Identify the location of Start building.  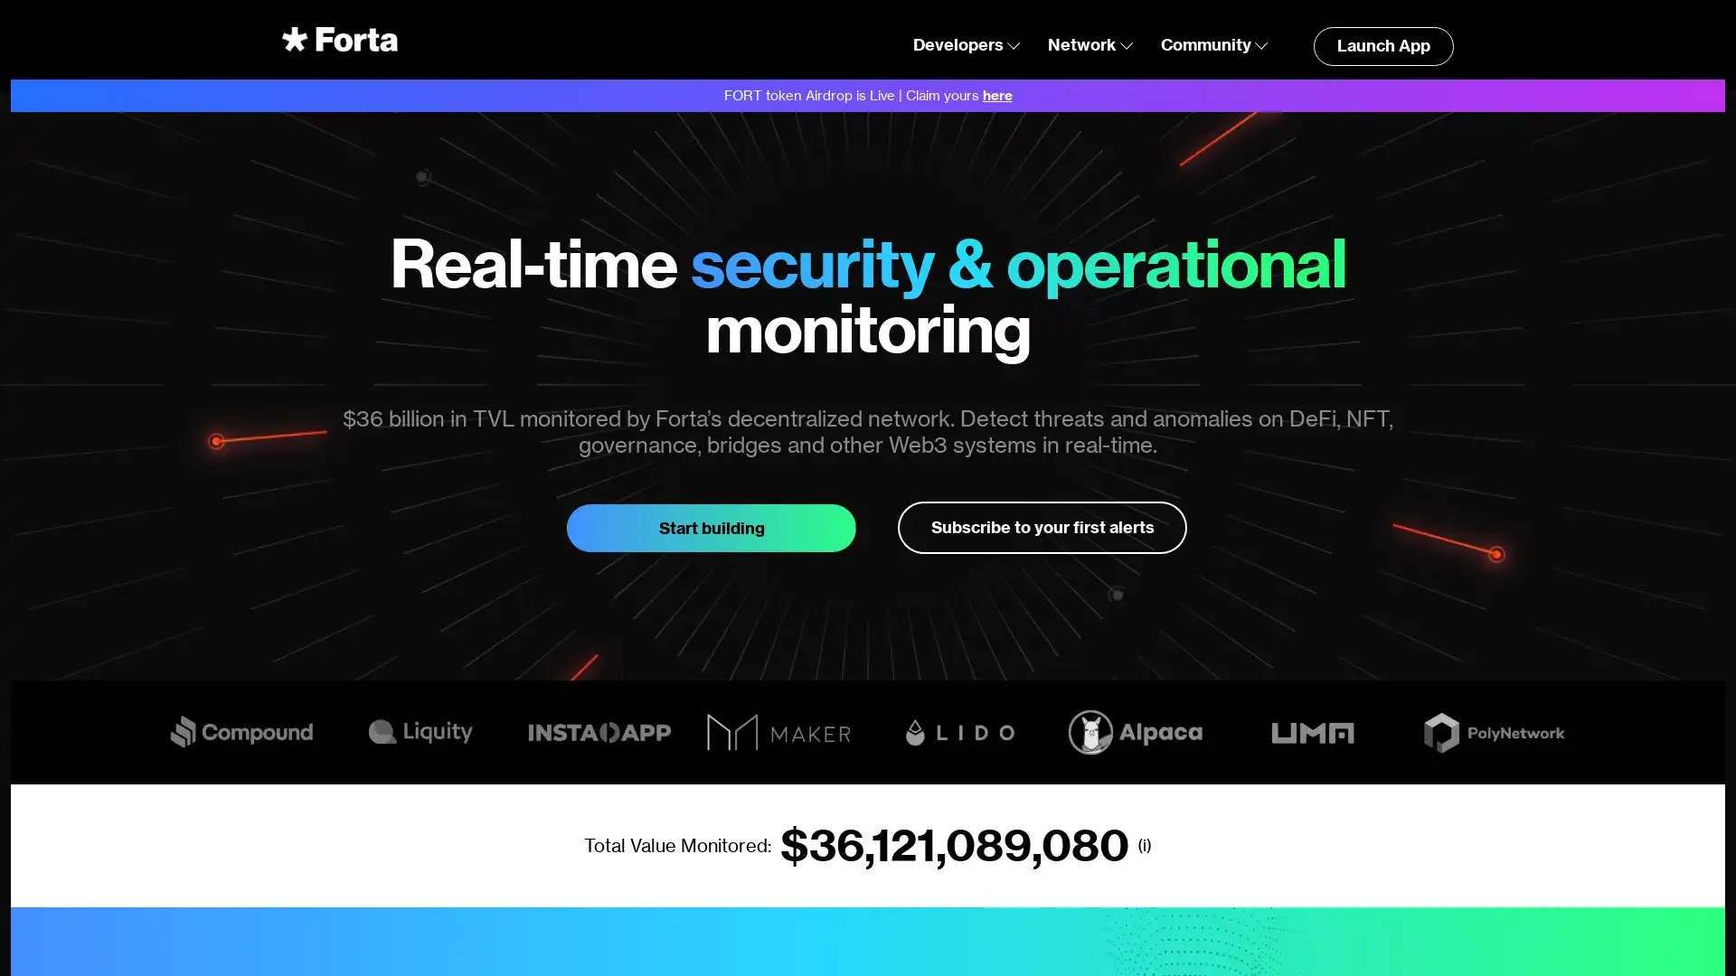
(711, 527).